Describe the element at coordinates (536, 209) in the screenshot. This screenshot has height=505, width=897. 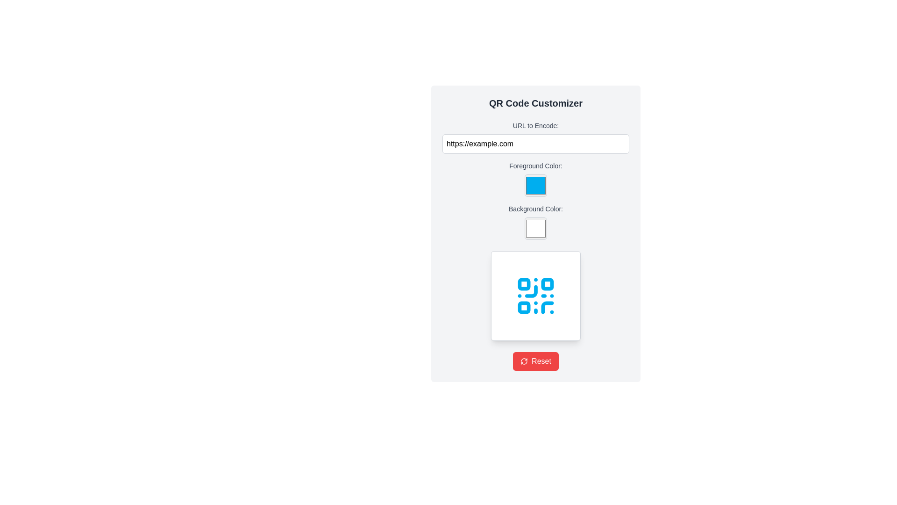
I see `text label 'Background Color:' which is styled with a small font-size, medium weight, and a gray color tone, positioned above the associated color input box in the 'QR Code Customizer' section` at that location.